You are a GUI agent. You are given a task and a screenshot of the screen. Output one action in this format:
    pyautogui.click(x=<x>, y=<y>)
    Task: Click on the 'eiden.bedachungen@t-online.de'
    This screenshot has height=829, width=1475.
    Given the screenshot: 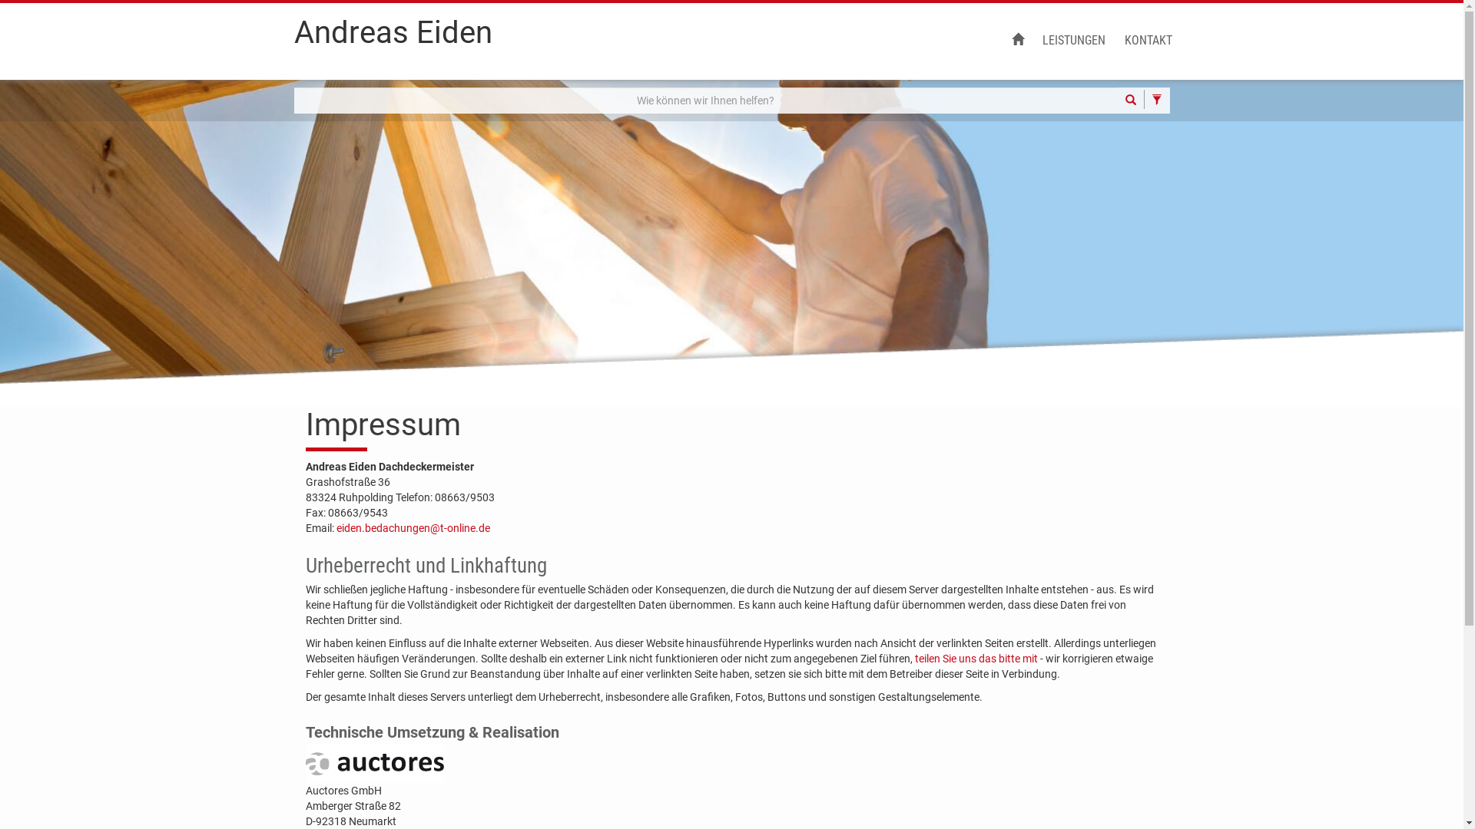 What is the action you would take?
    pyautogui.click(x=413, y=527)
    